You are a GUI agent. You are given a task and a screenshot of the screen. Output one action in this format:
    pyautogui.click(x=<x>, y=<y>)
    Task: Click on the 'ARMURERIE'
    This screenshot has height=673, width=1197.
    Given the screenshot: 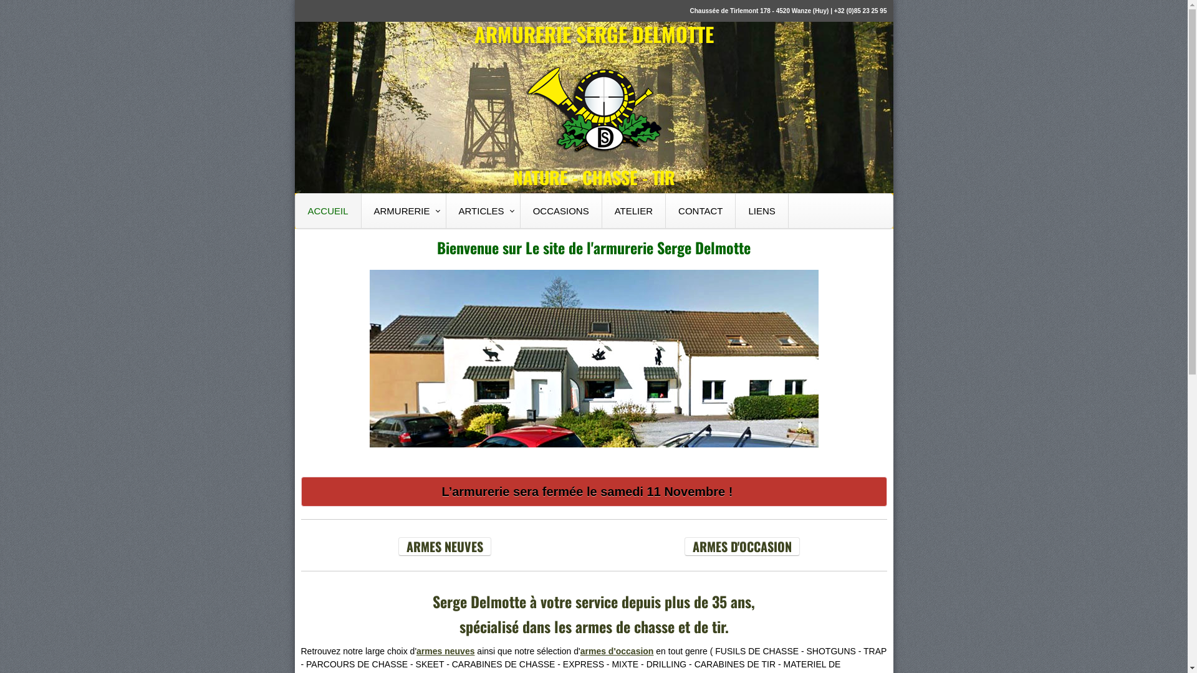 What is the action you would take?
    pyautogui.click(x=404, y=210)
    